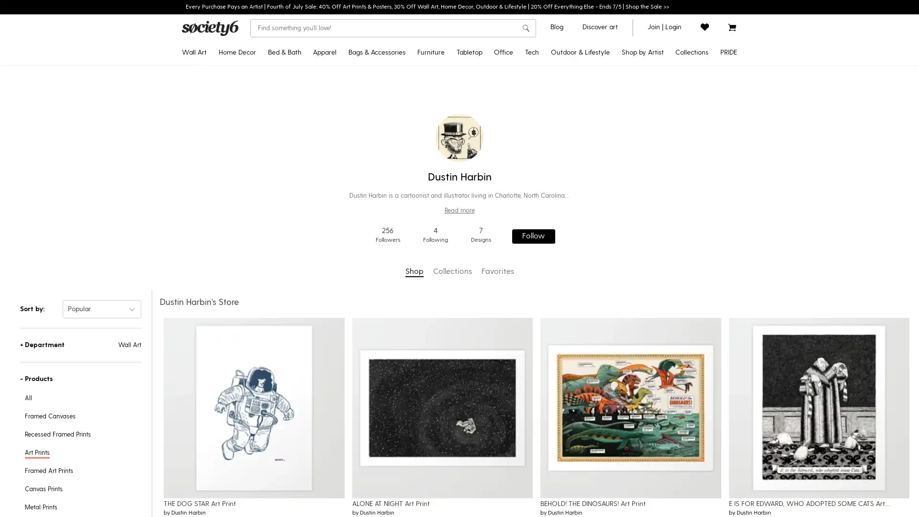  Describe the element at coordinates (383, 184) in the screenshot. I see `Face Masks` at that location.